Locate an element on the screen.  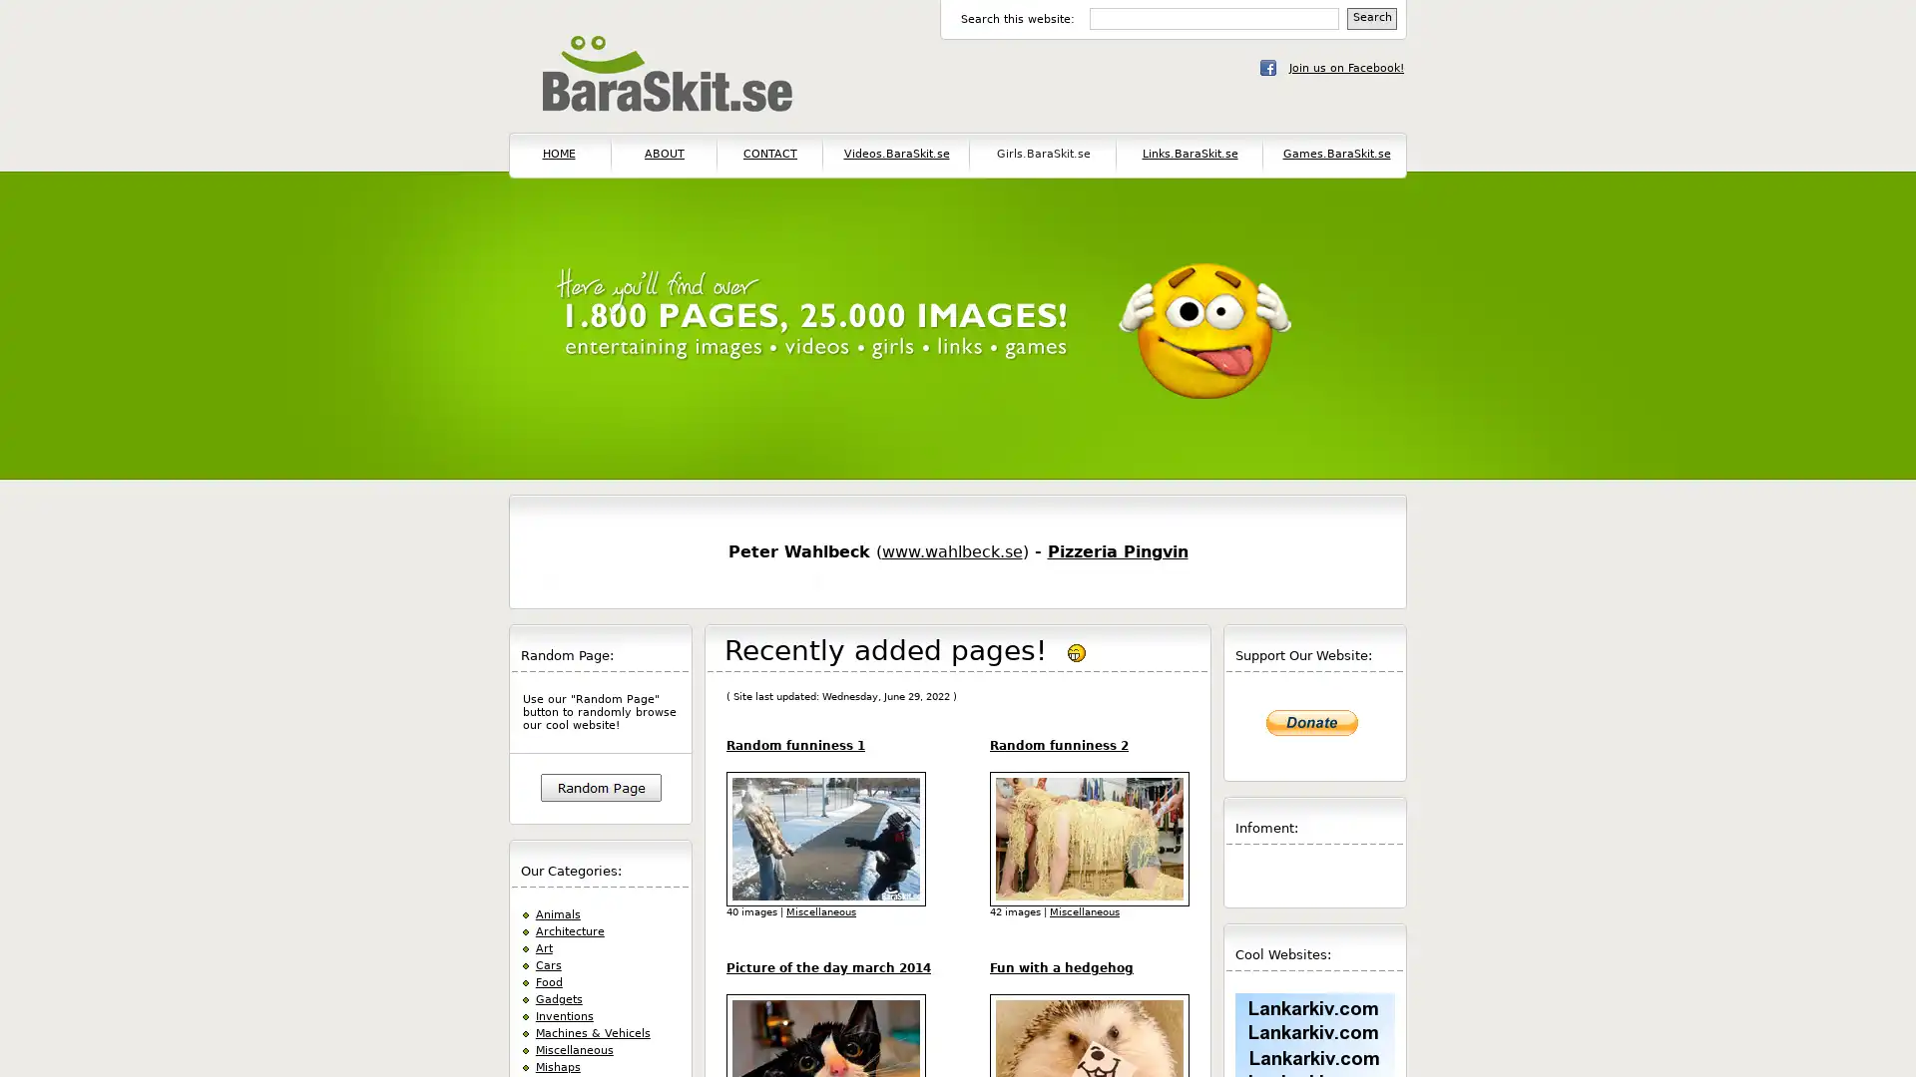
Search is located at coordinates (1370, 19).